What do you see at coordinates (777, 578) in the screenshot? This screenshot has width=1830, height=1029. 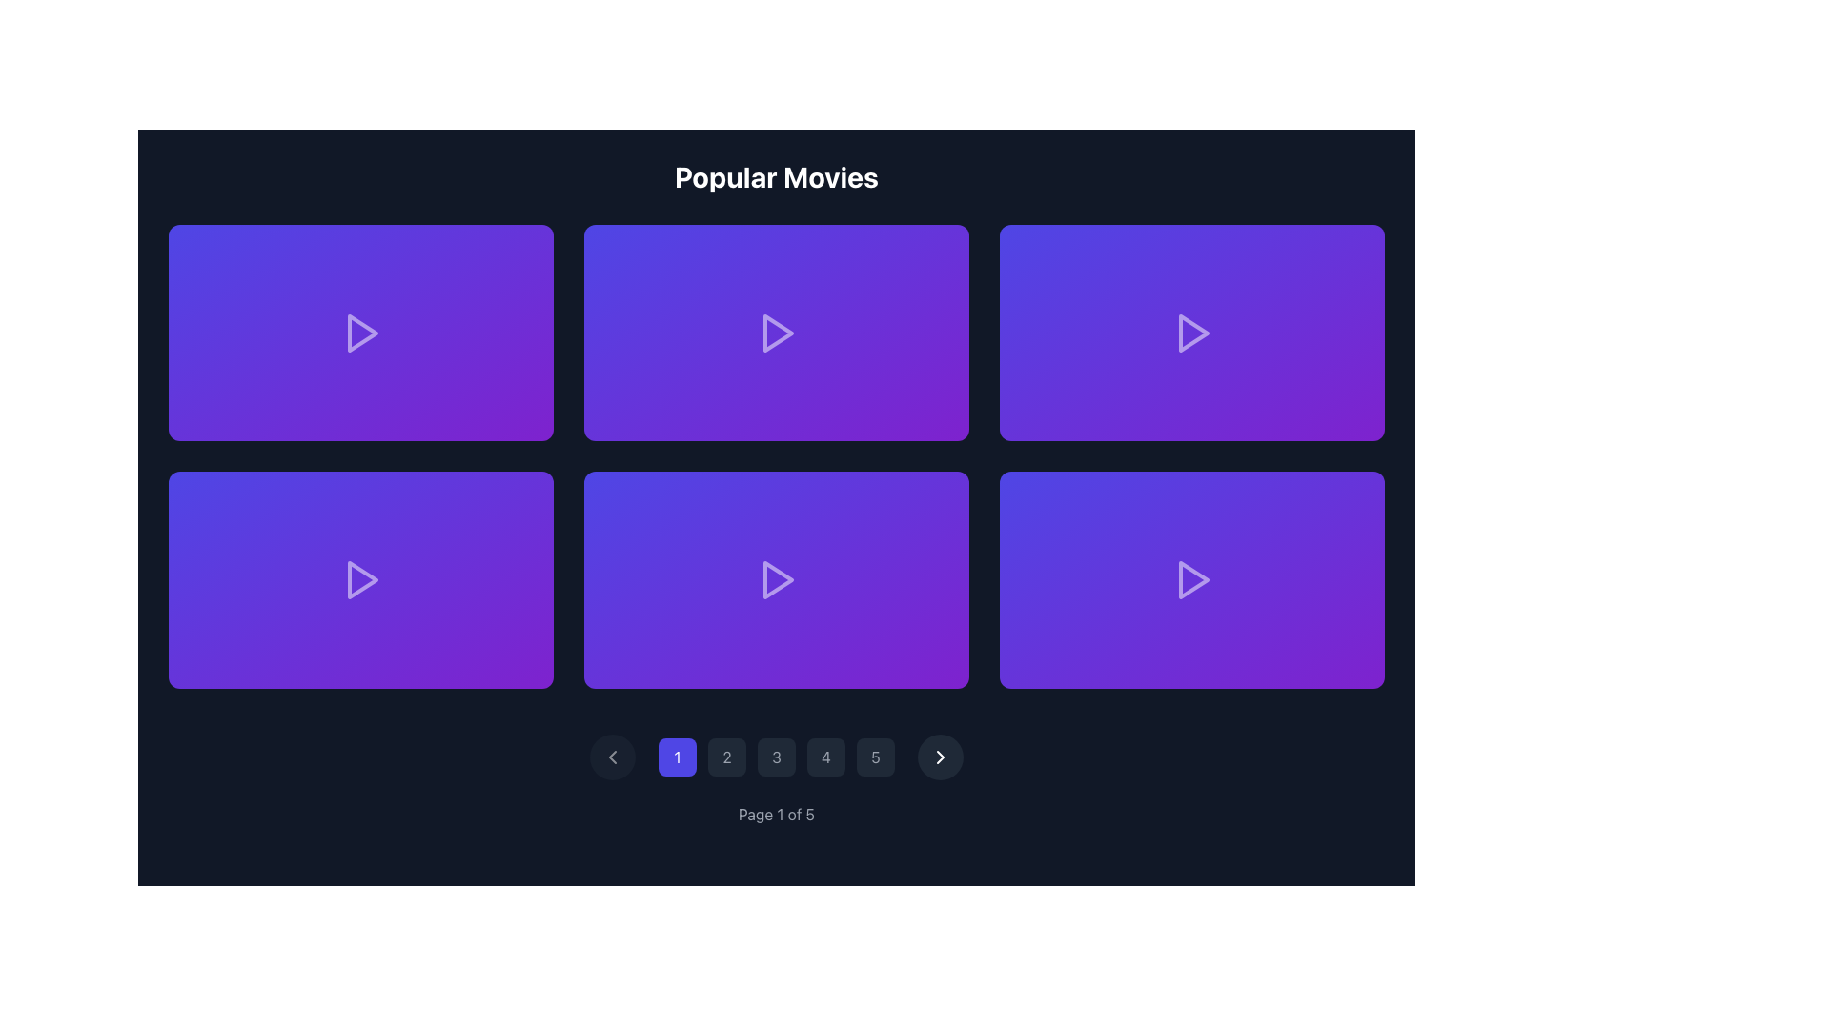 I see `the triangular play icon button located at the center of the bottom row in a 2 by 3 grid layout, styled with a gradient purple background and soft white coloring, to emphasize it visually` at bounding box center [777, 578].